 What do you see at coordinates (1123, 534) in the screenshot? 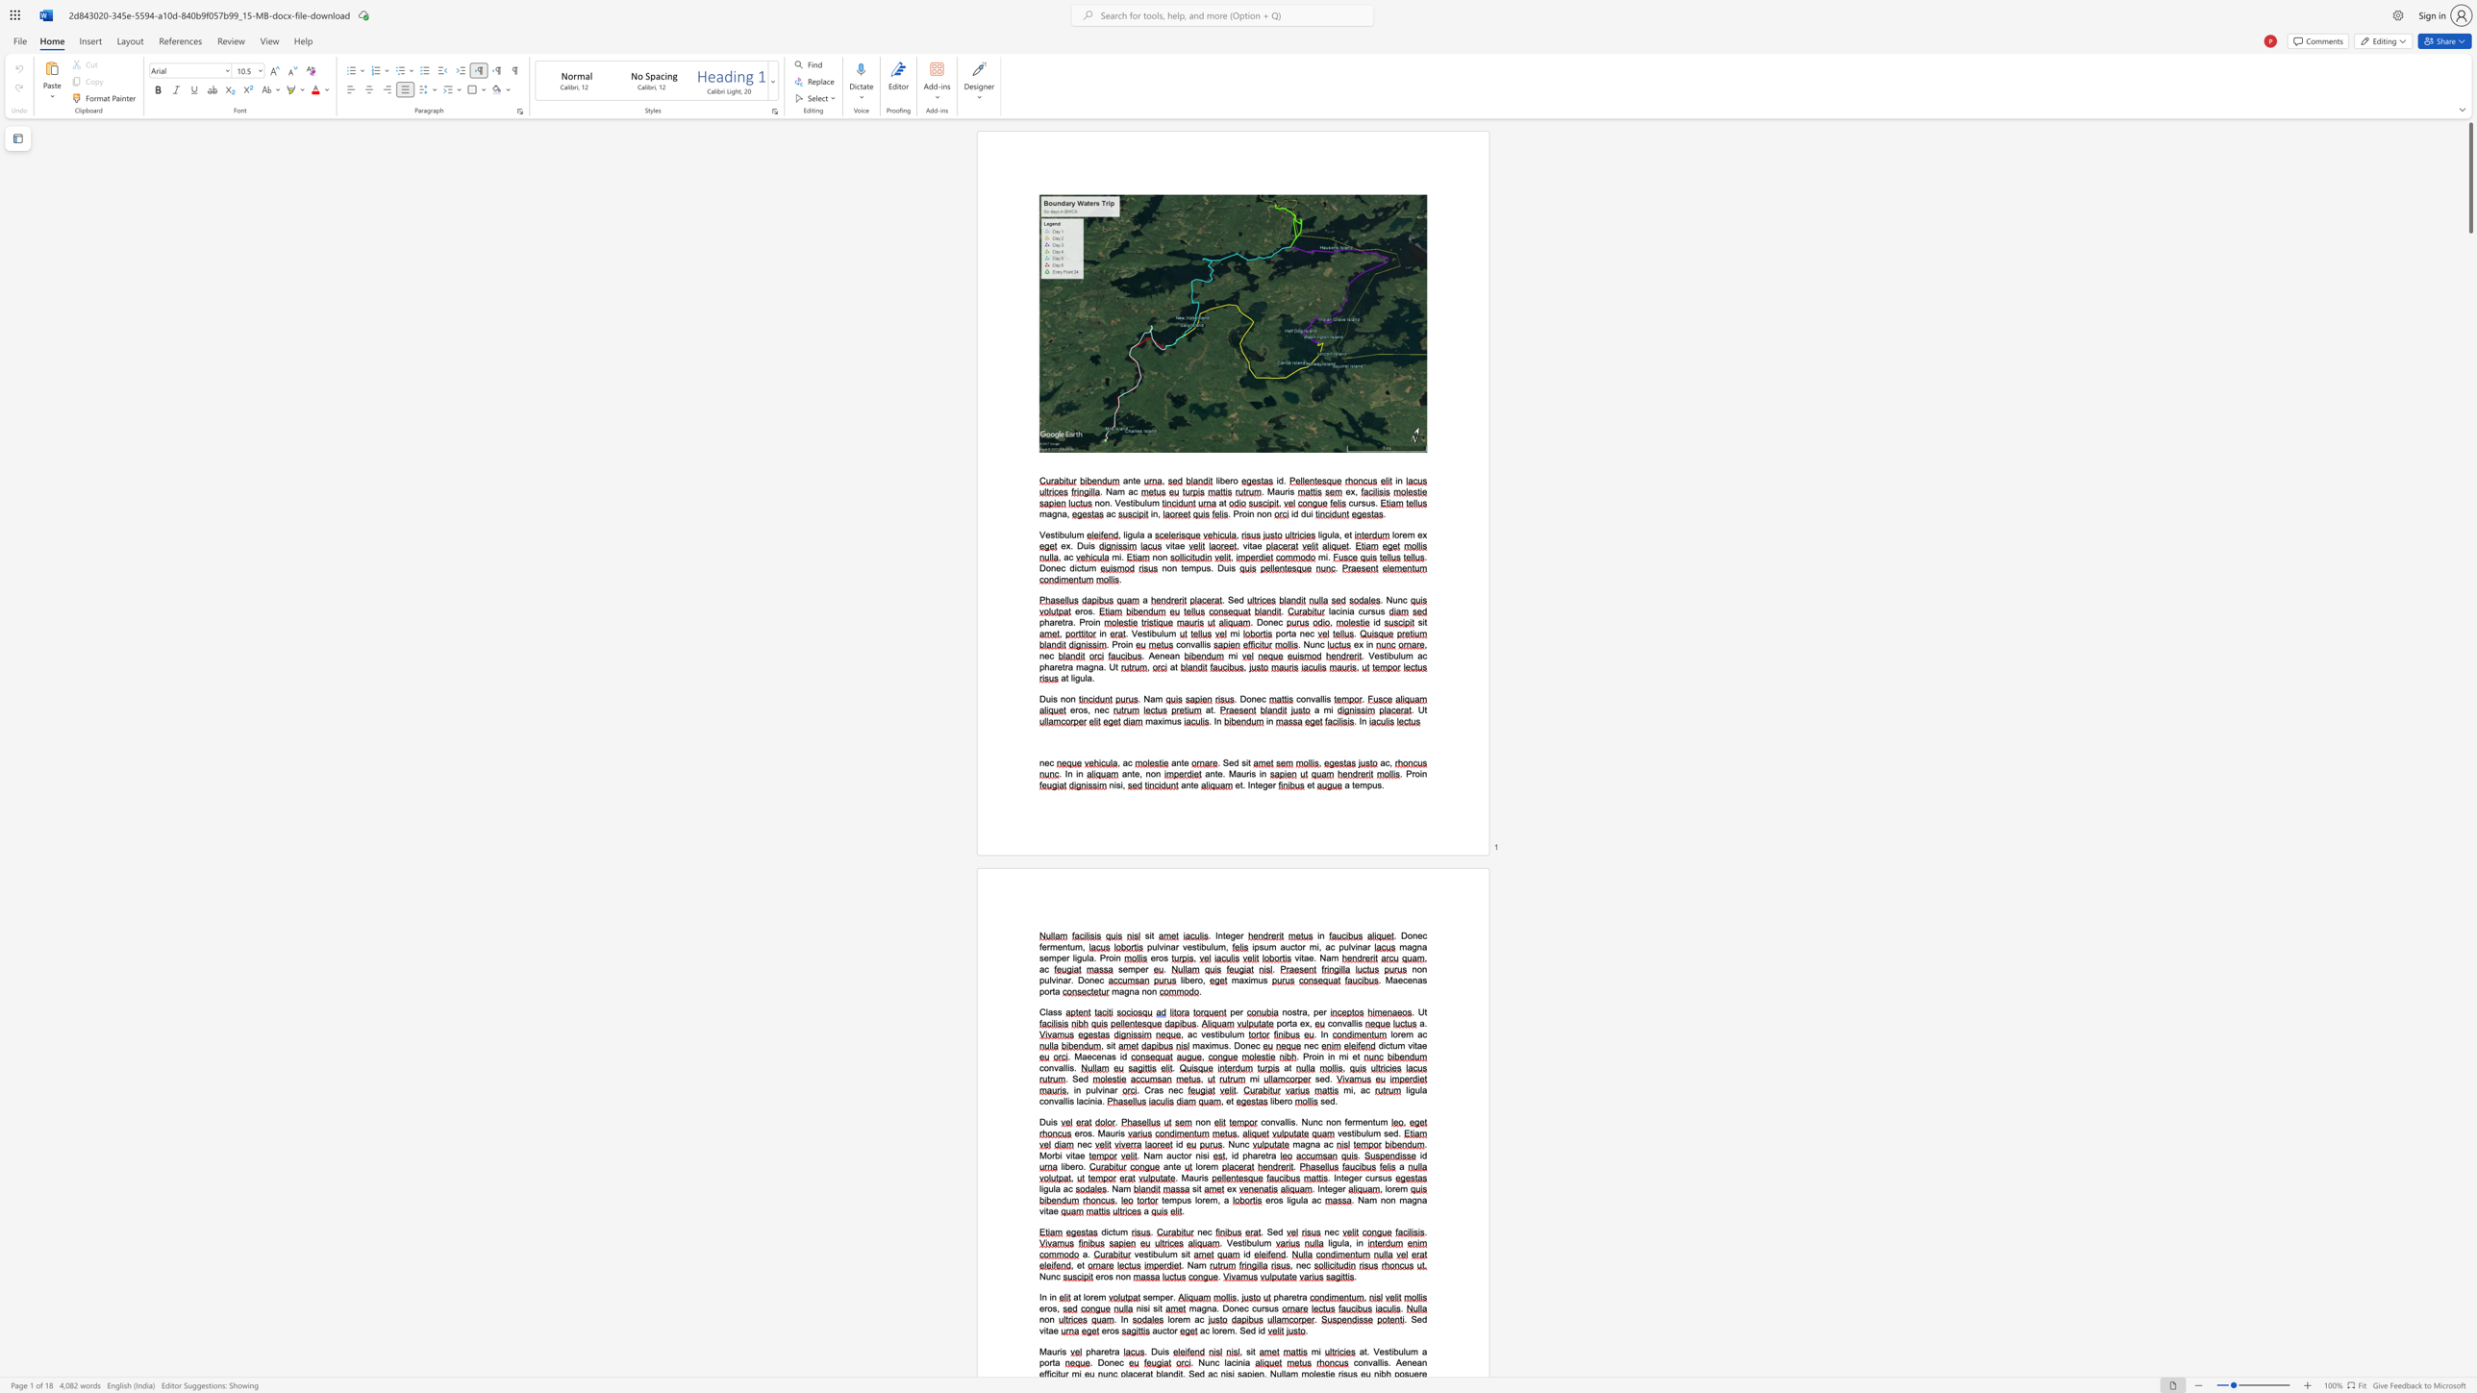
I see `the 1th character "l" in the text` at bounding box center [1123, 534].